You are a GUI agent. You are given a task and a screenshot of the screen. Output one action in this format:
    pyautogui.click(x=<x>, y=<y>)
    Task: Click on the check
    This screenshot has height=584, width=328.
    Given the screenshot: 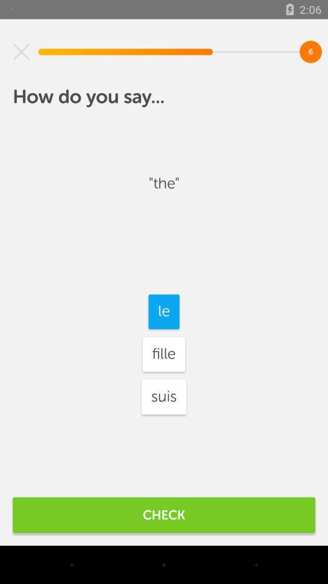 What is the action you would take?
    pyautogui.click(x=164, y=514)
    